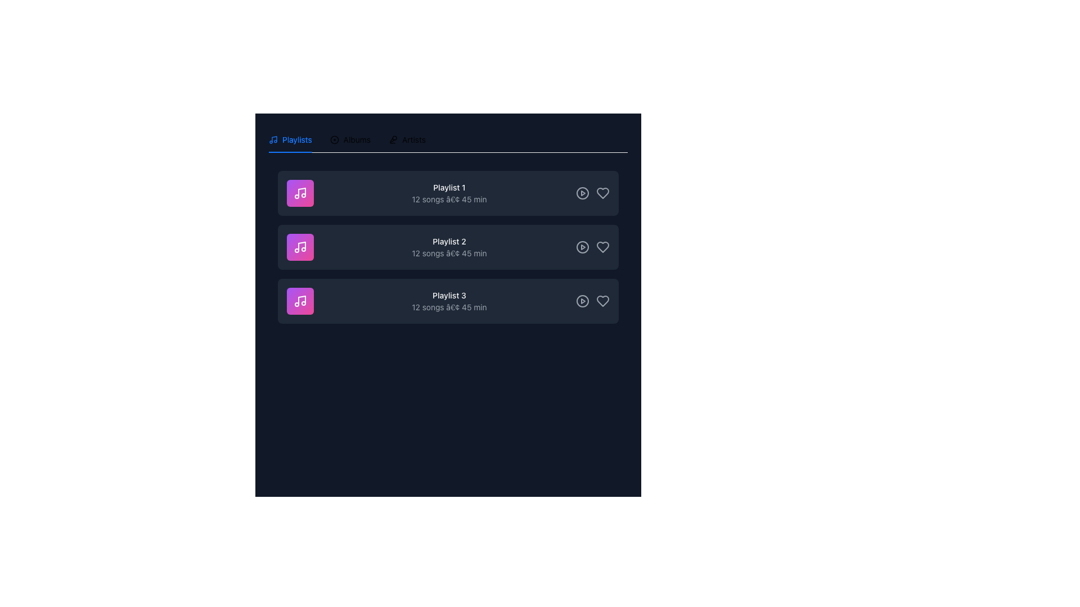 The image size is (1080, 607). Describe the element at coordinates (300, 301) in the screenshot. I see `the musical note icon styled in white with a purple-to-pink gradient circular background, located on the left side of the playlist row` at that location.